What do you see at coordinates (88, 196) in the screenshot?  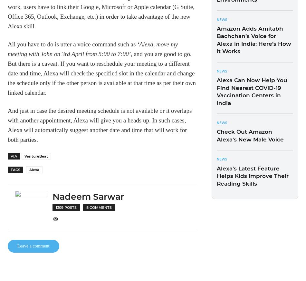 I see `'Nadeem Sarwar'` at bounding box center [88, 196].